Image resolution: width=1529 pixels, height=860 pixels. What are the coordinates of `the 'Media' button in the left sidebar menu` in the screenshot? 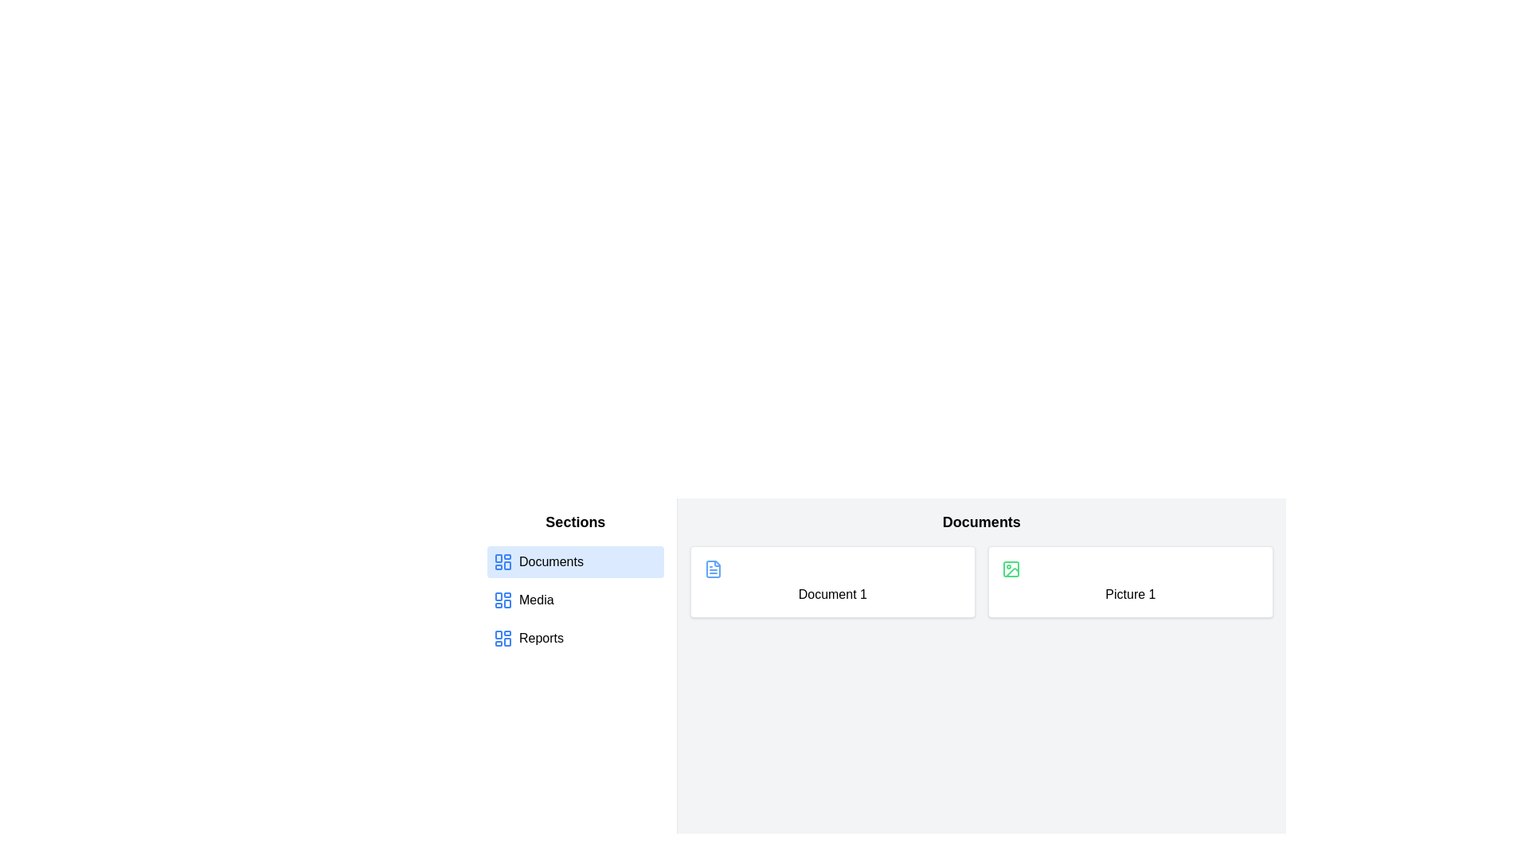 It's located at (574, 600).